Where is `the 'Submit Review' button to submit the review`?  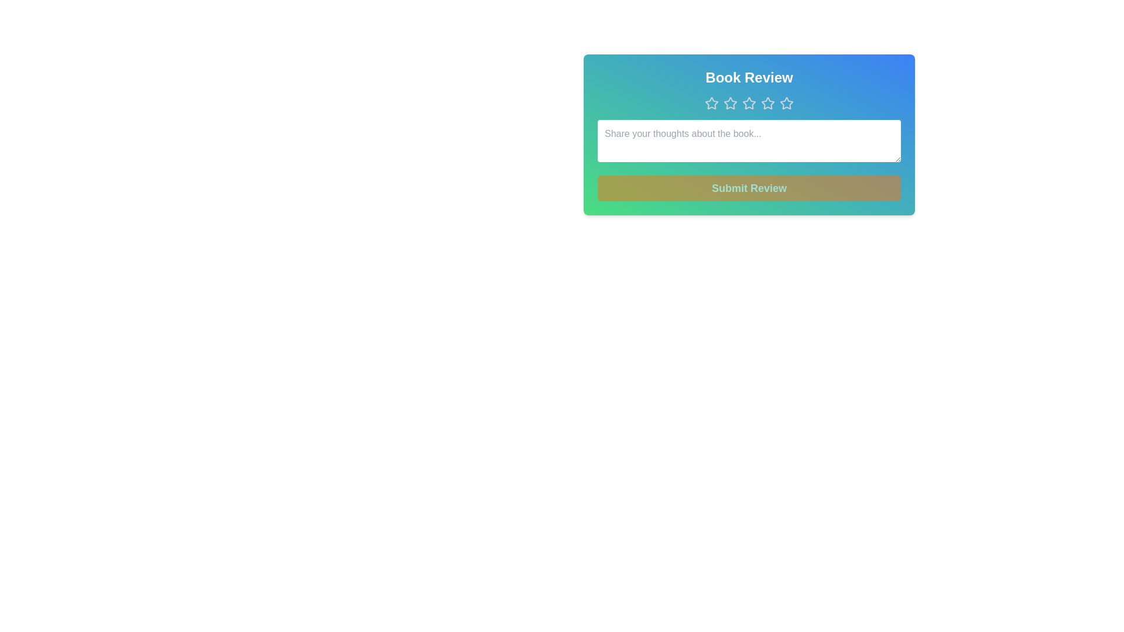
the 'Submit Review' button to submit the review is located at coordinates (749, 187).